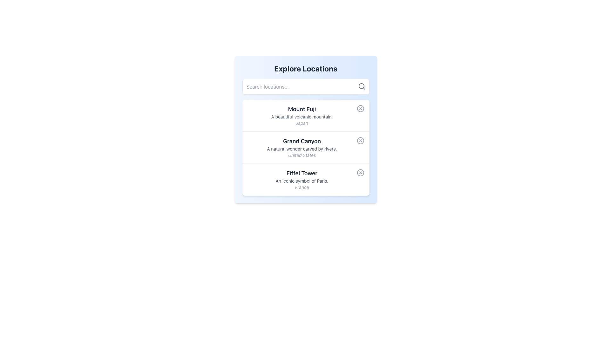  What do you see at coordinates (306, 115) in the screenshot?
I see `the first list item labeled 'Mount Fuji' under the 'Explore Locations' header` at bounding box center [306, 115].